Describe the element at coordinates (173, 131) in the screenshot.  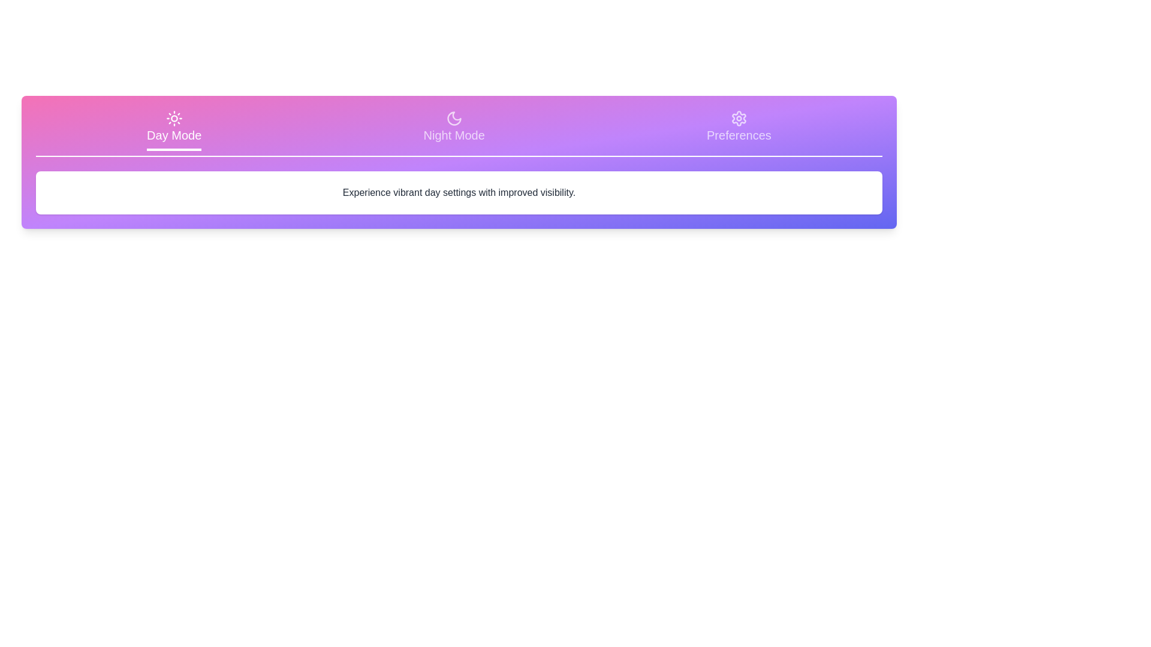
I see `the tab corresponding to Day Mode` at that location.